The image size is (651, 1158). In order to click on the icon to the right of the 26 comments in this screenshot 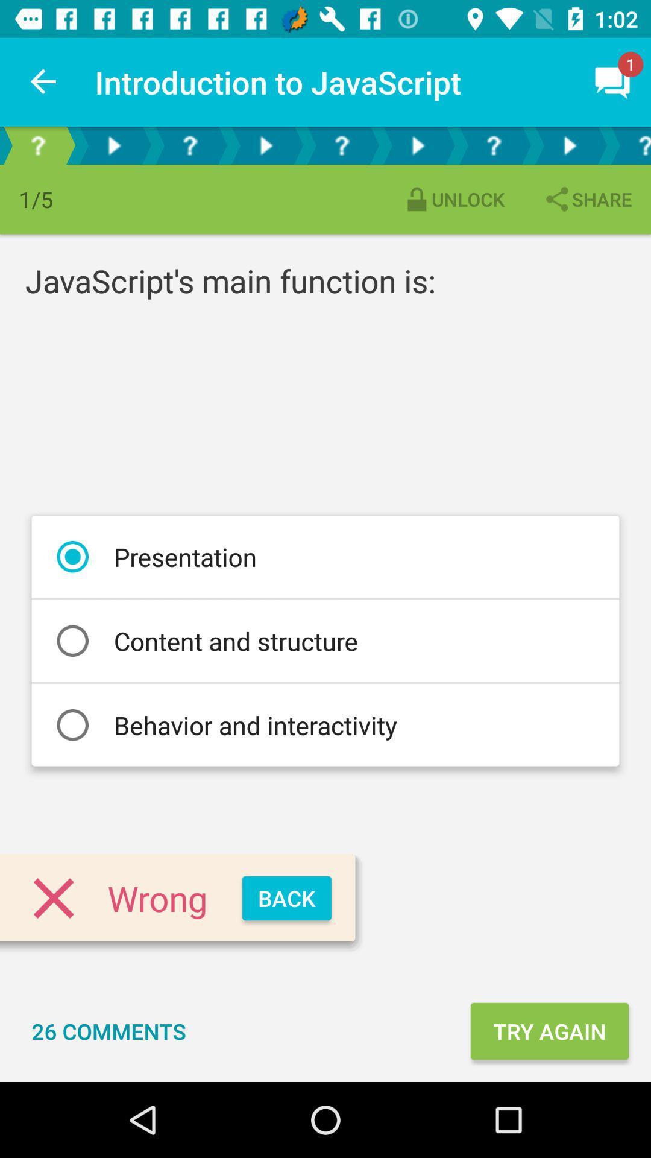, I will do `click(549, 1030)`.